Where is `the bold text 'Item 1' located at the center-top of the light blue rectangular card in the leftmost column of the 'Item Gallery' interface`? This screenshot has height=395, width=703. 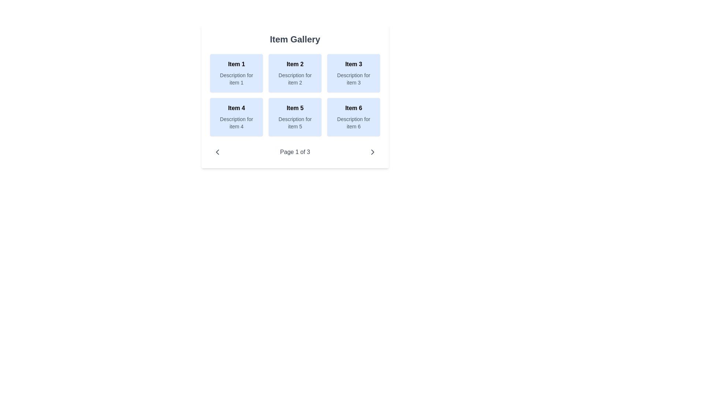
the bold text 'Item 1' located at the center-top of the light blue rectangular card in the leftmost column of the 'Item Gallery' interface is located at coordinates (237, 64).